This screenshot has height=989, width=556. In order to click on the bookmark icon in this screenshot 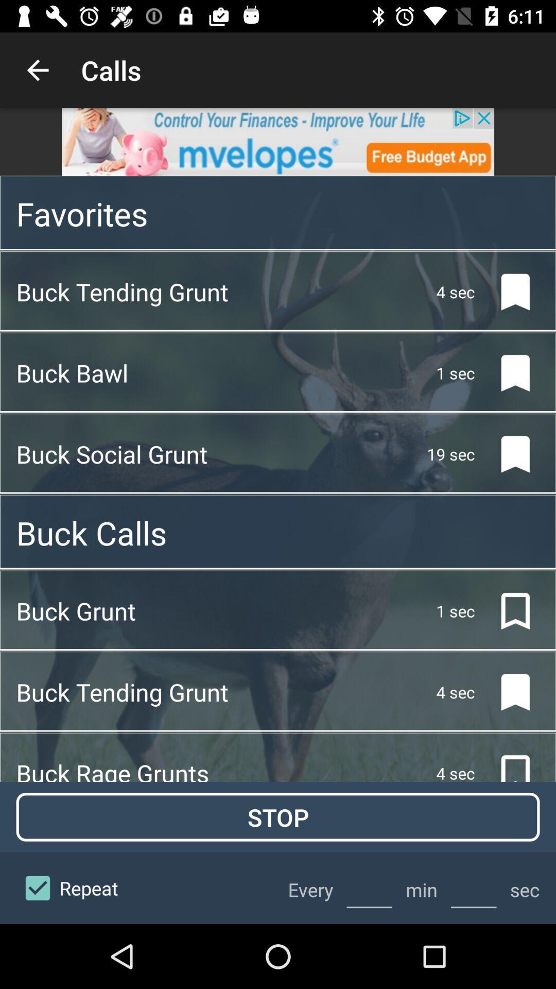, I will do `click(507, 692)`.